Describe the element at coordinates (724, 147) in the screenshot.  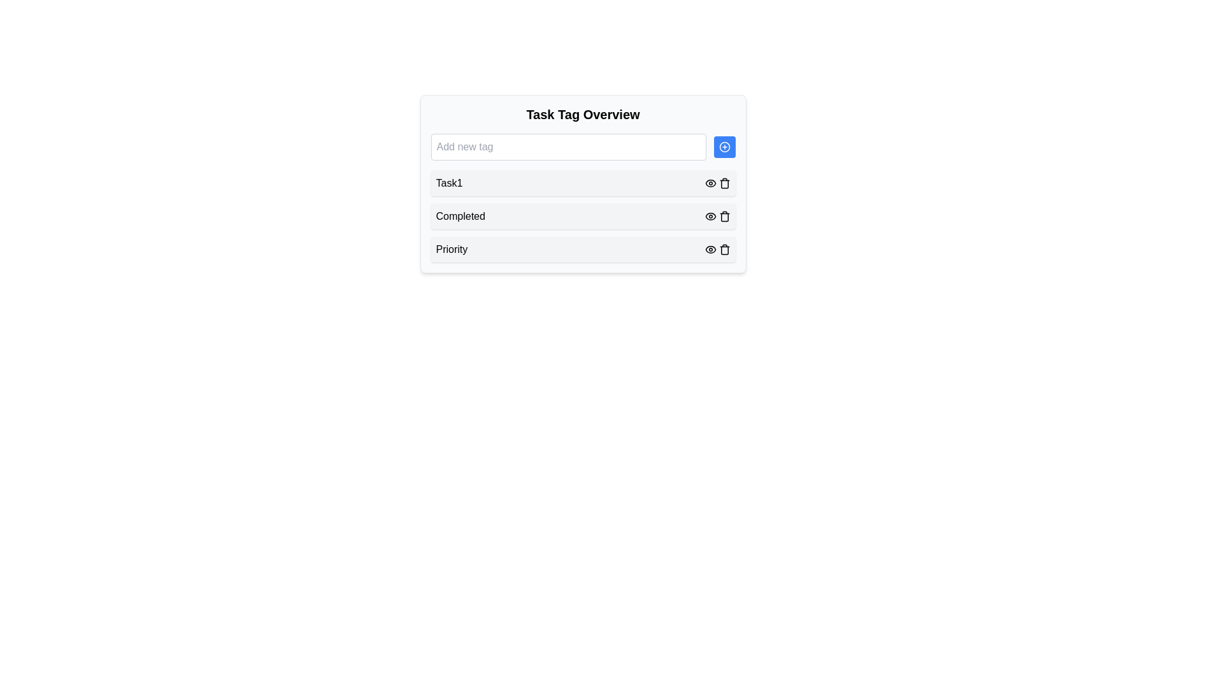
I see `the icon-based button located to the right of the 'Add new tag' text input field within the 'Task Tag Overview' panel` at that location.